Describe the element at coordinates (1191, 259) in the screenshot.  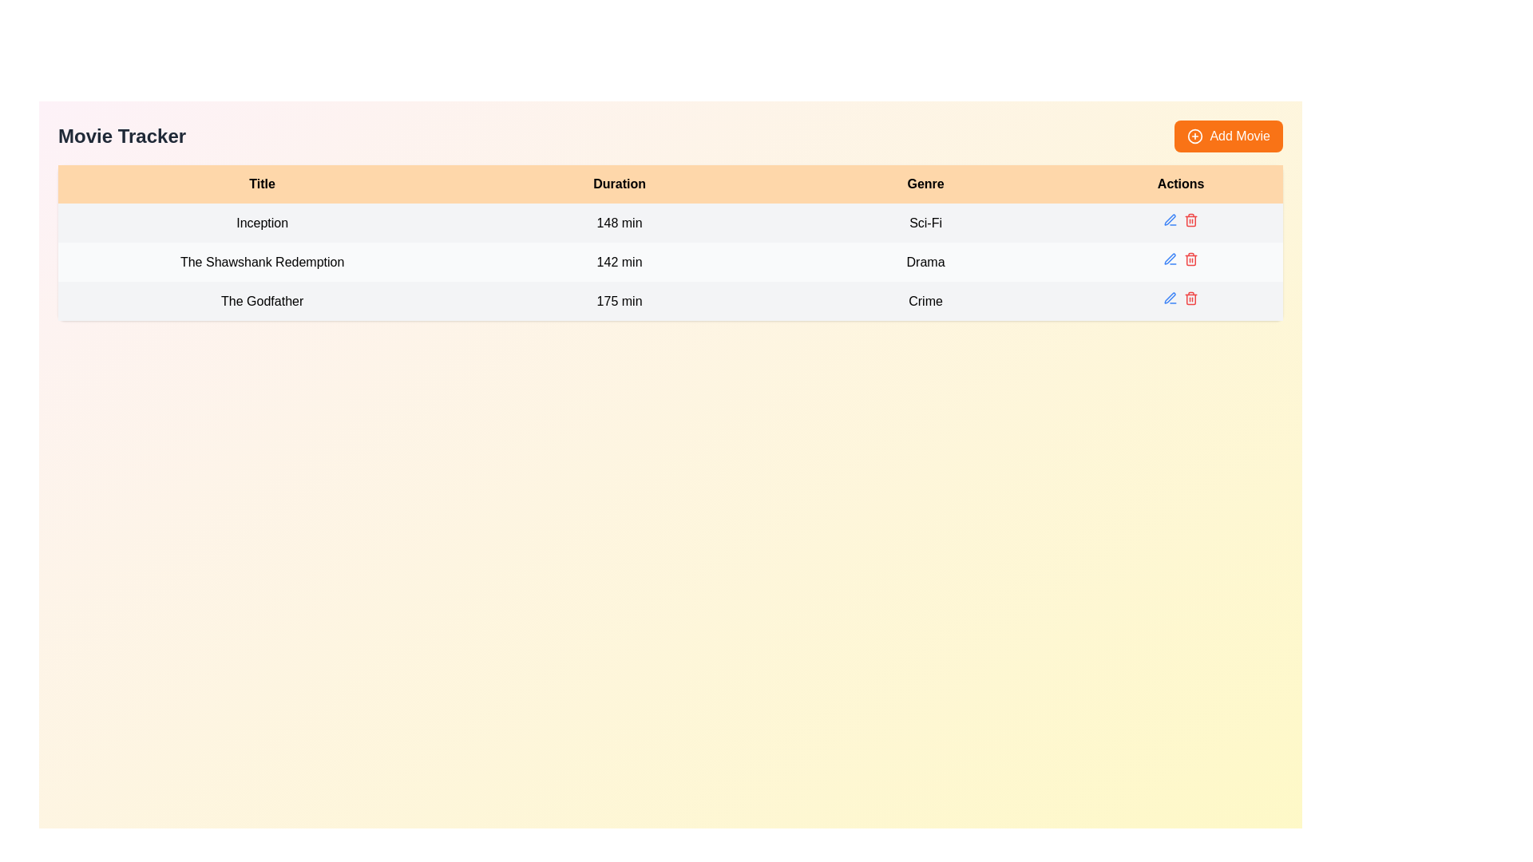
I see `the trash can icon in the 'Actions' column of the table row for 'The Shawshank Redemption' to initiate the delete action` at that location.